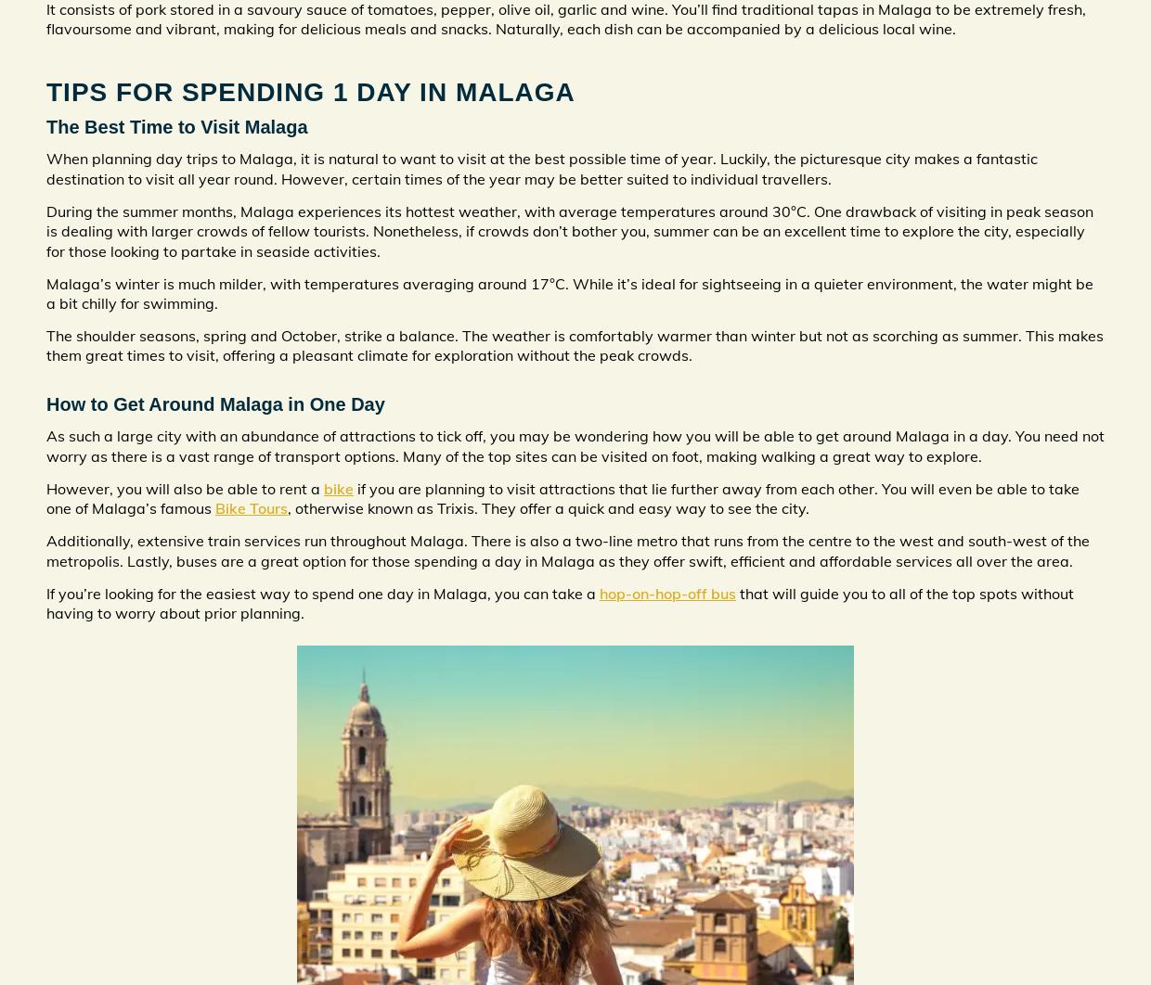 The height and width of the screenshot is (985, 1151). I want to click on 'However, you will also be able to rent a', so click(184, 487).